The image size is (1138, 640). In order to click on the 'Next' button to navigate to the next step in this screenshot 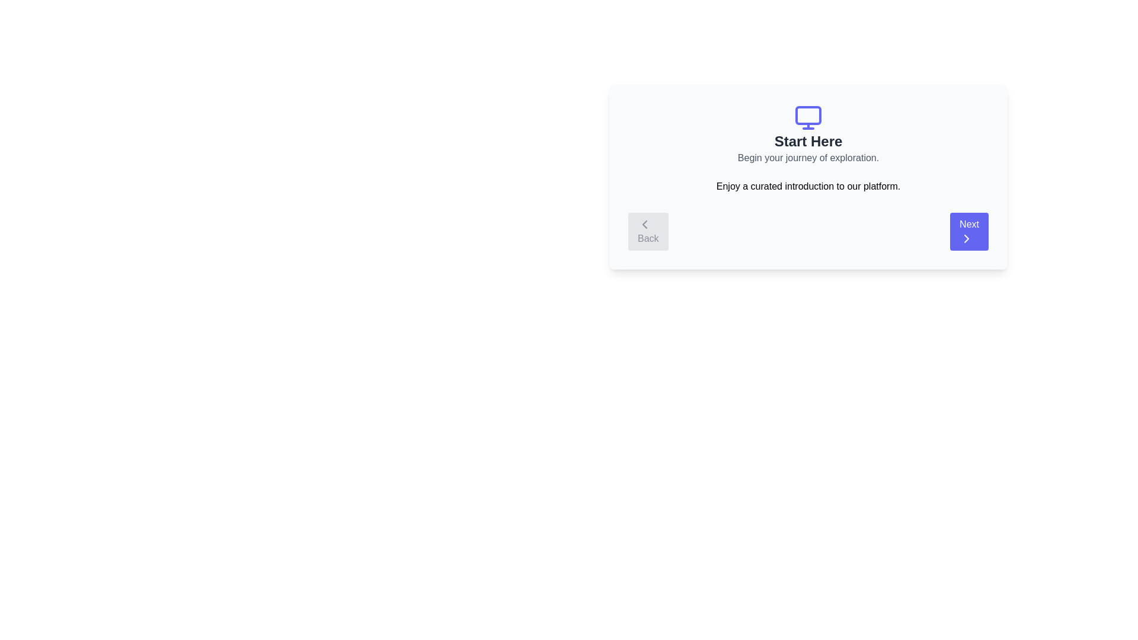, I will do `click(969, 231)`.